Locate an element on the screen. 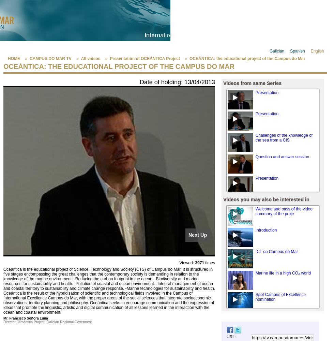 This screenshot has height=341, width=334. 'Marine life in a high CO₂ world' is located at coordinates (283, 273).